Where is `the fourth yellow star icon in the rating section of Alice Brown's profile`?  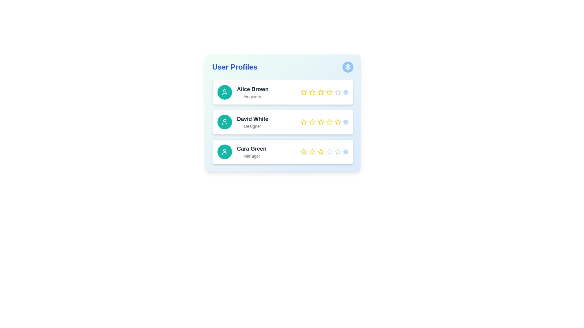
the fourth yellow star icon in the rating section of Alice Brown's profile is located at coordinates (321, 92).